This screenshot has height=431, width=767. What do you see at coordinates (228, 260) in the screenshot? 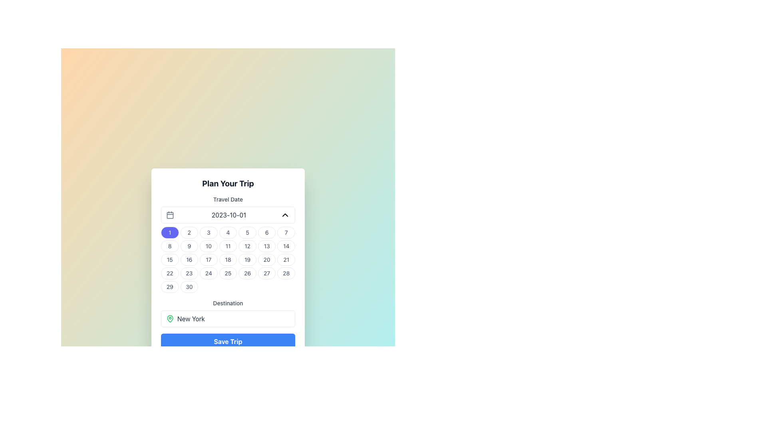
I see `the calendar button for the date '2023-10-01' located in the third row and fourth column of the calendar UI` at bounding box center [228, 260].